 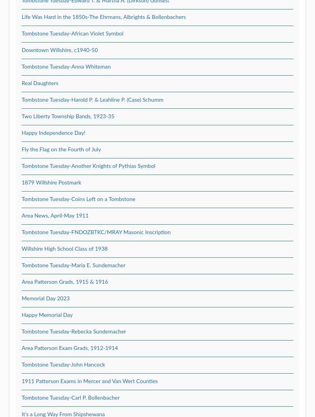 I want to click on 'Memorial Day 2023', so click(x=45, y=298).